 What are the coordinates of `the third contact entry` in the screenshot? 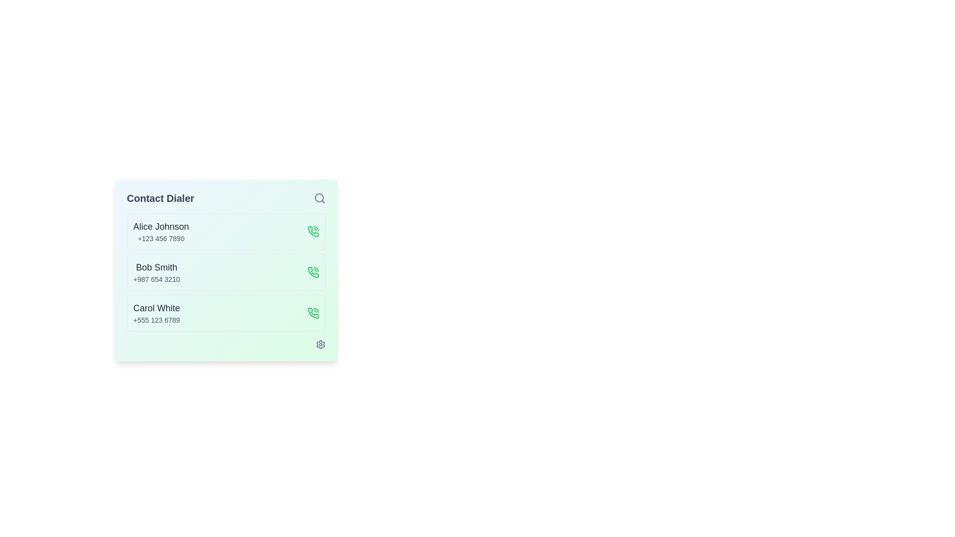 It's located at (226, 312).